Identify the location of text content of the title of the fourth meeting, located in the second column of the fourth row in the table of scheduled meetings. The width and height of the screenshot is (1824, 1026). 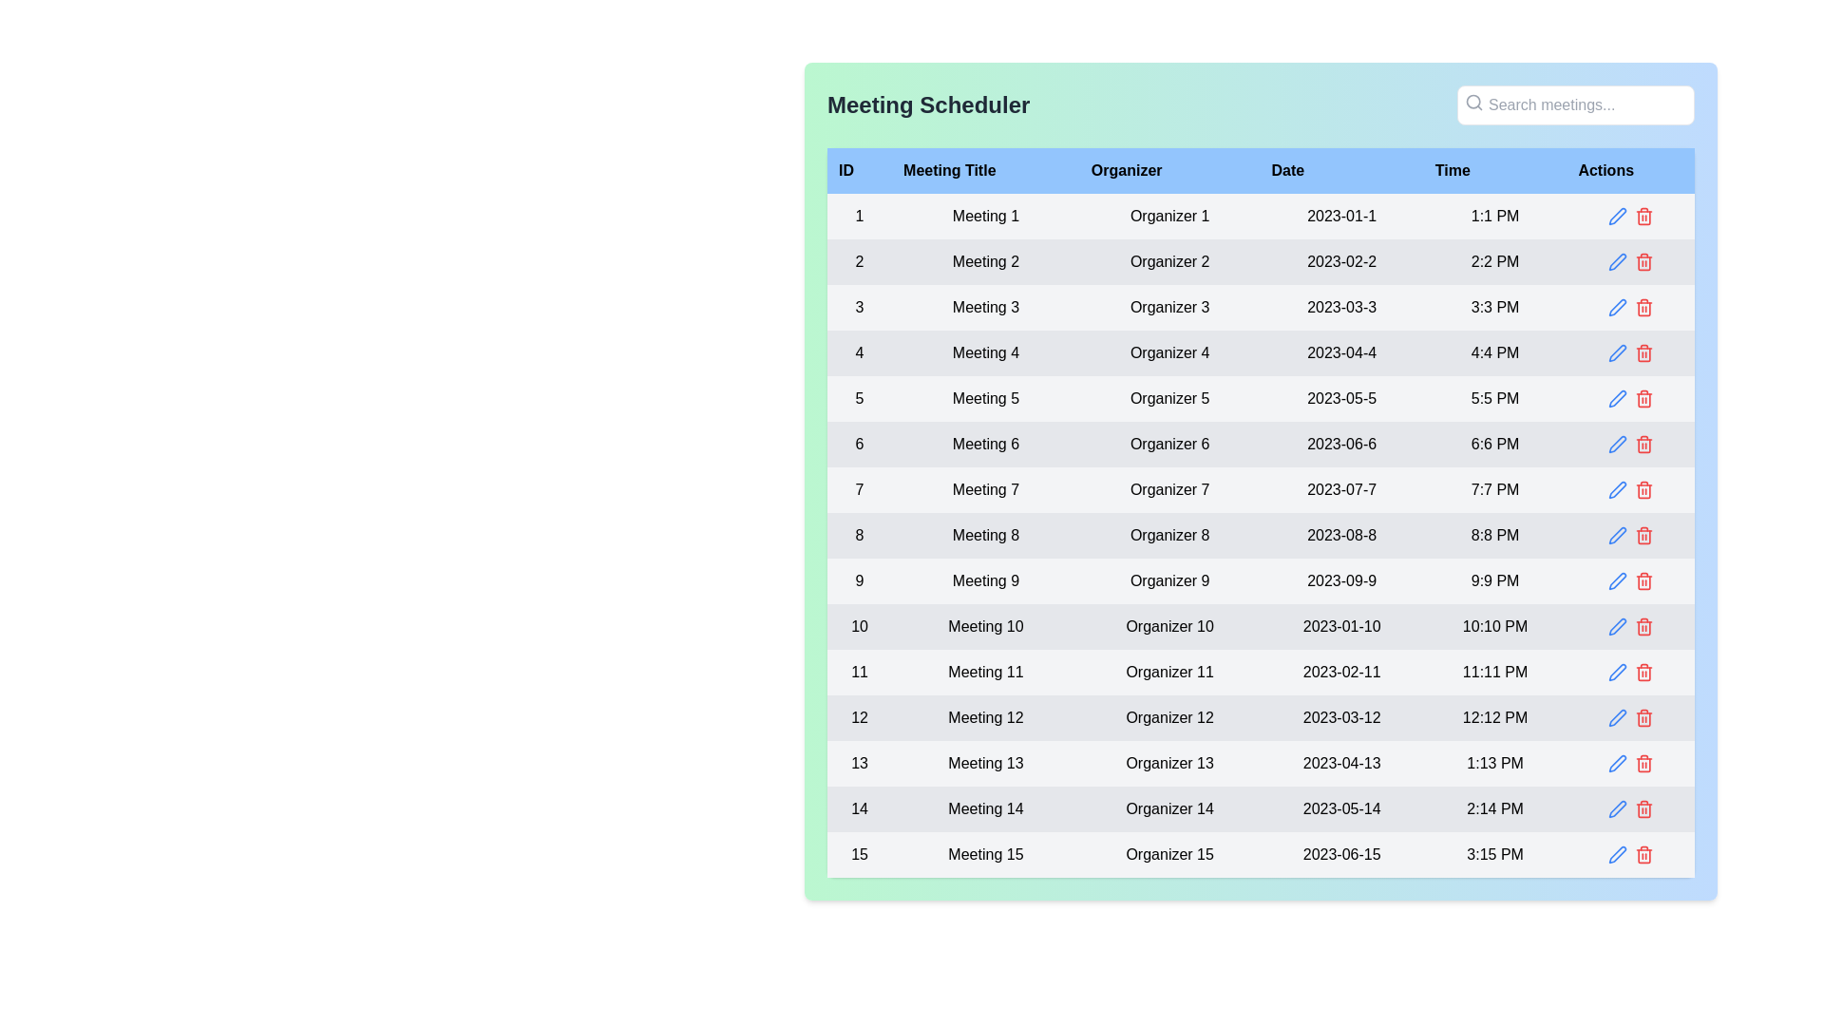
(985, 352).